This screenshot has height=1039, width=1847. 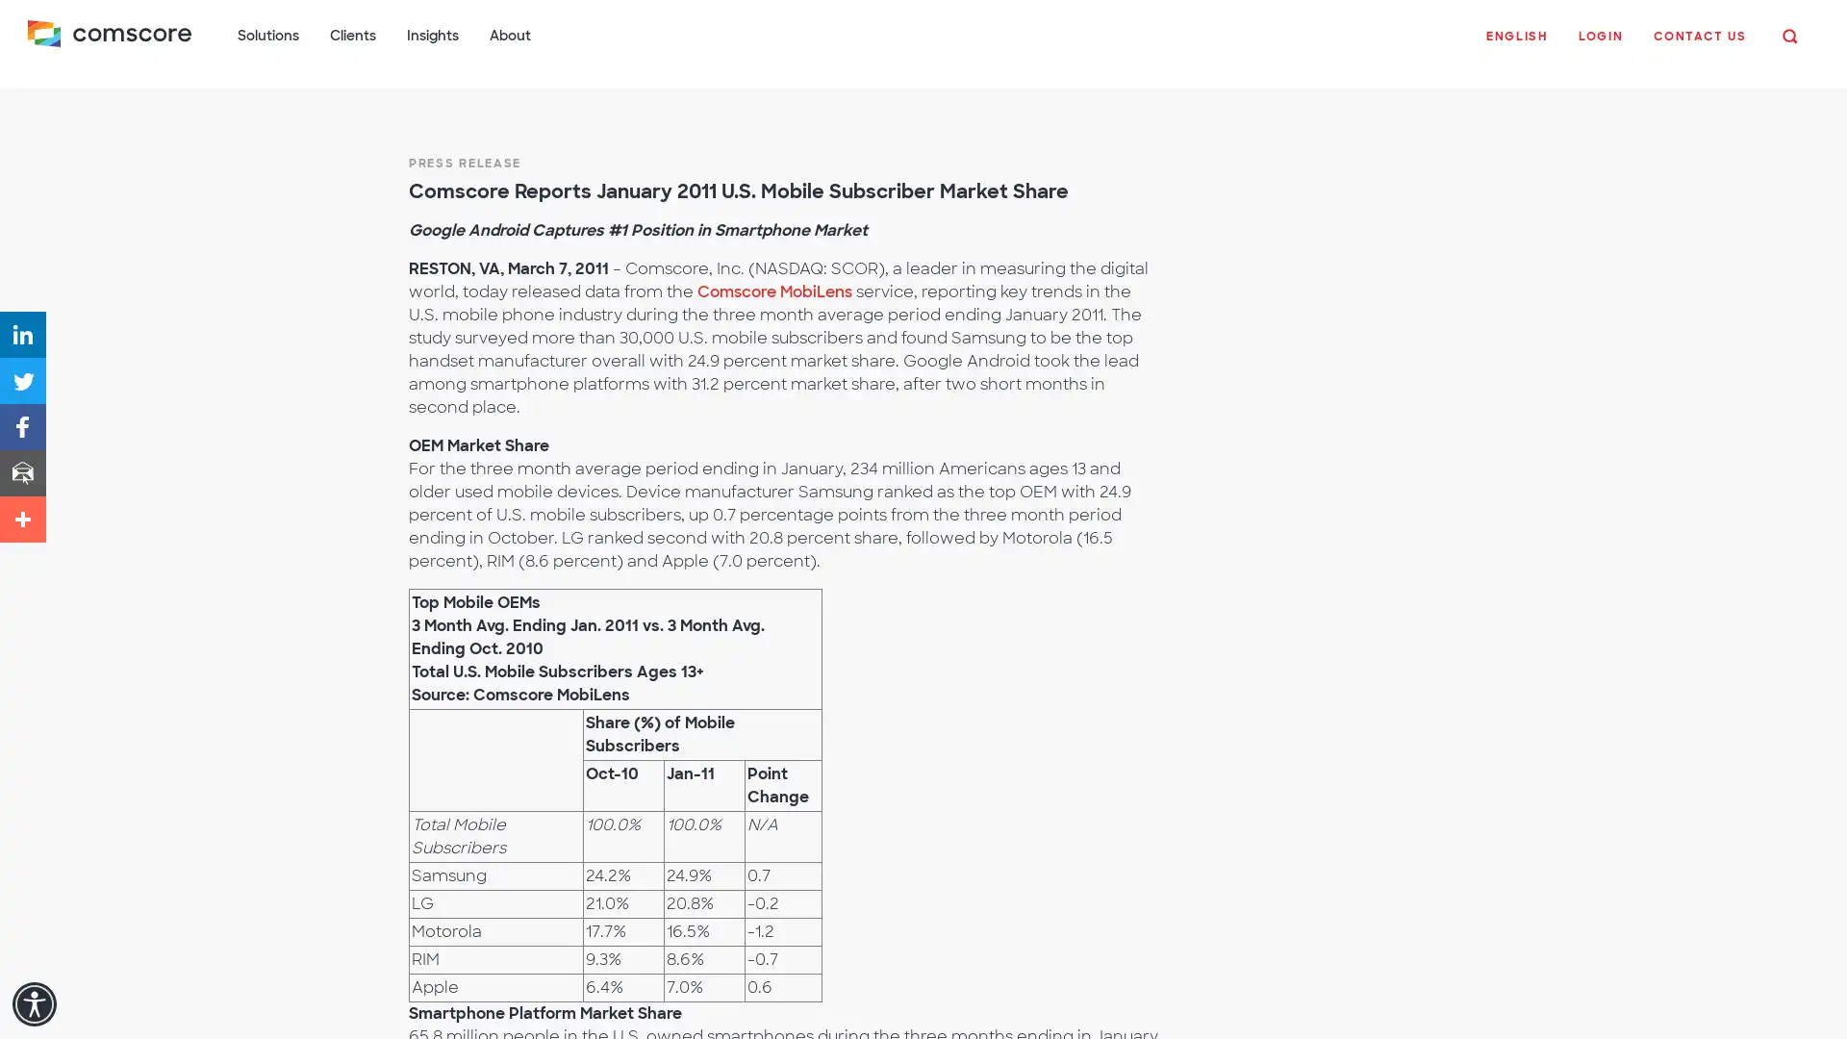 I want to click on Accessibility Menu, so click(x=34, y=1003).